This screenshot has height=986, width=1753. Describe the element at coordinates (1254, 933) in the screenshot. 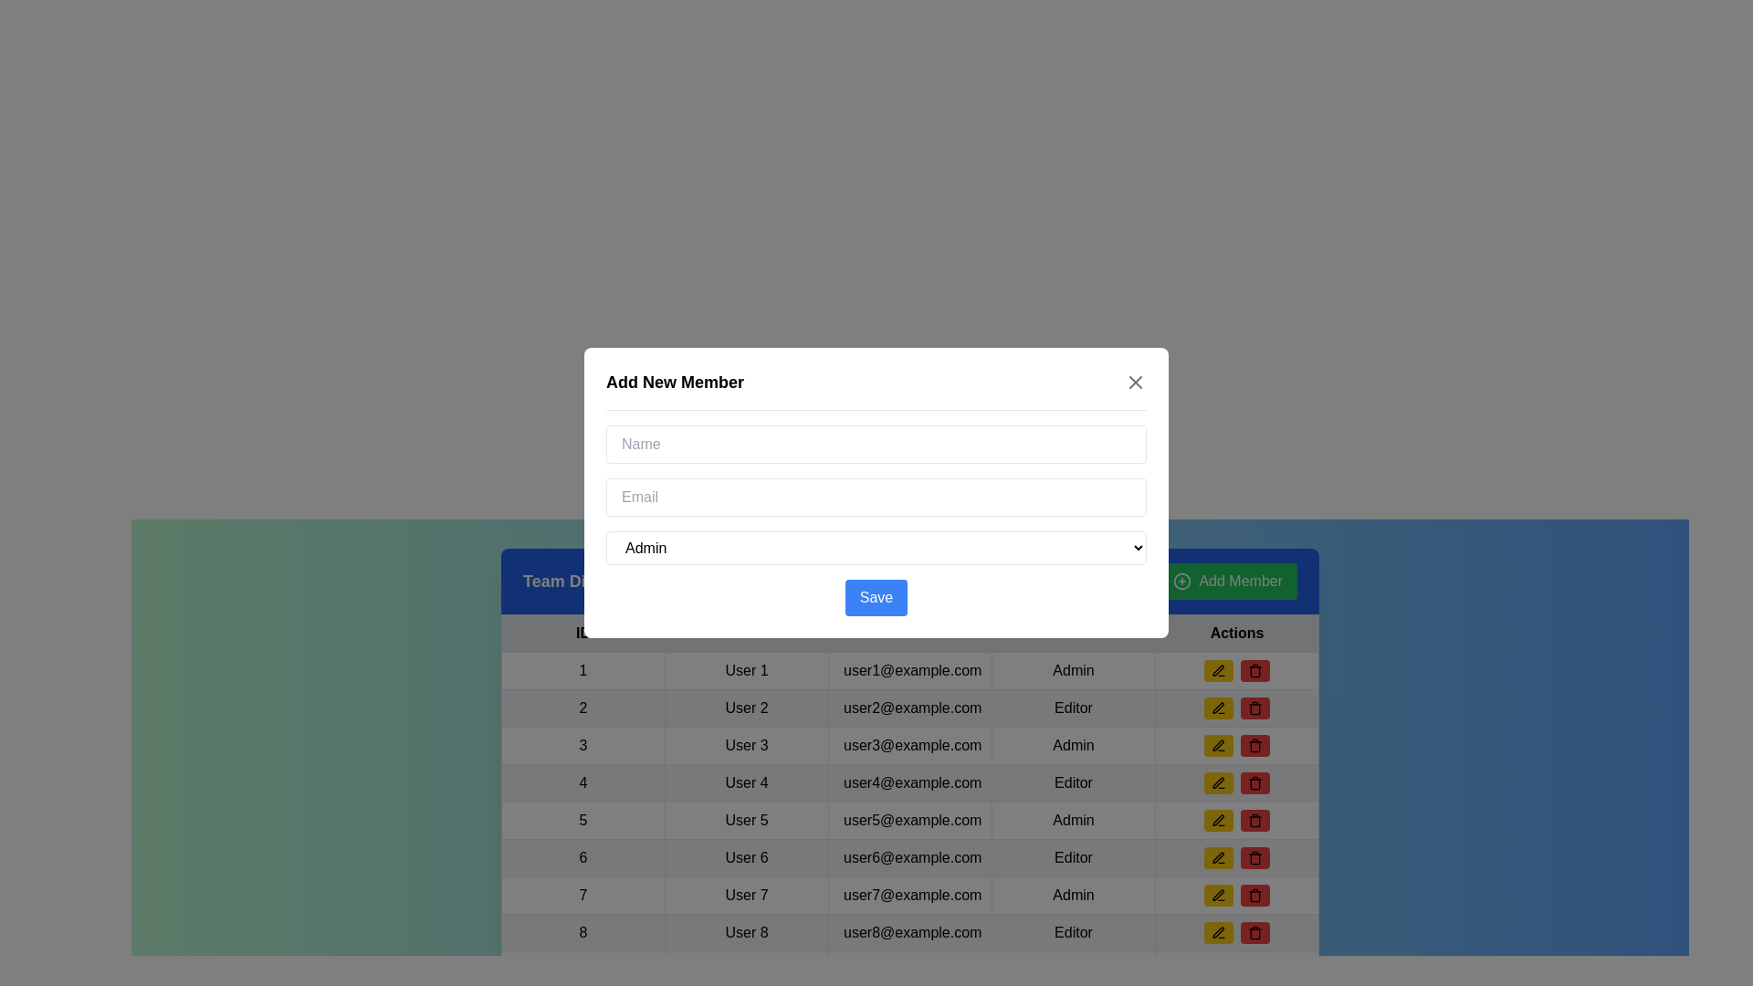

I see `the delete button located on the far right of its row in the table to change its color` at that location.